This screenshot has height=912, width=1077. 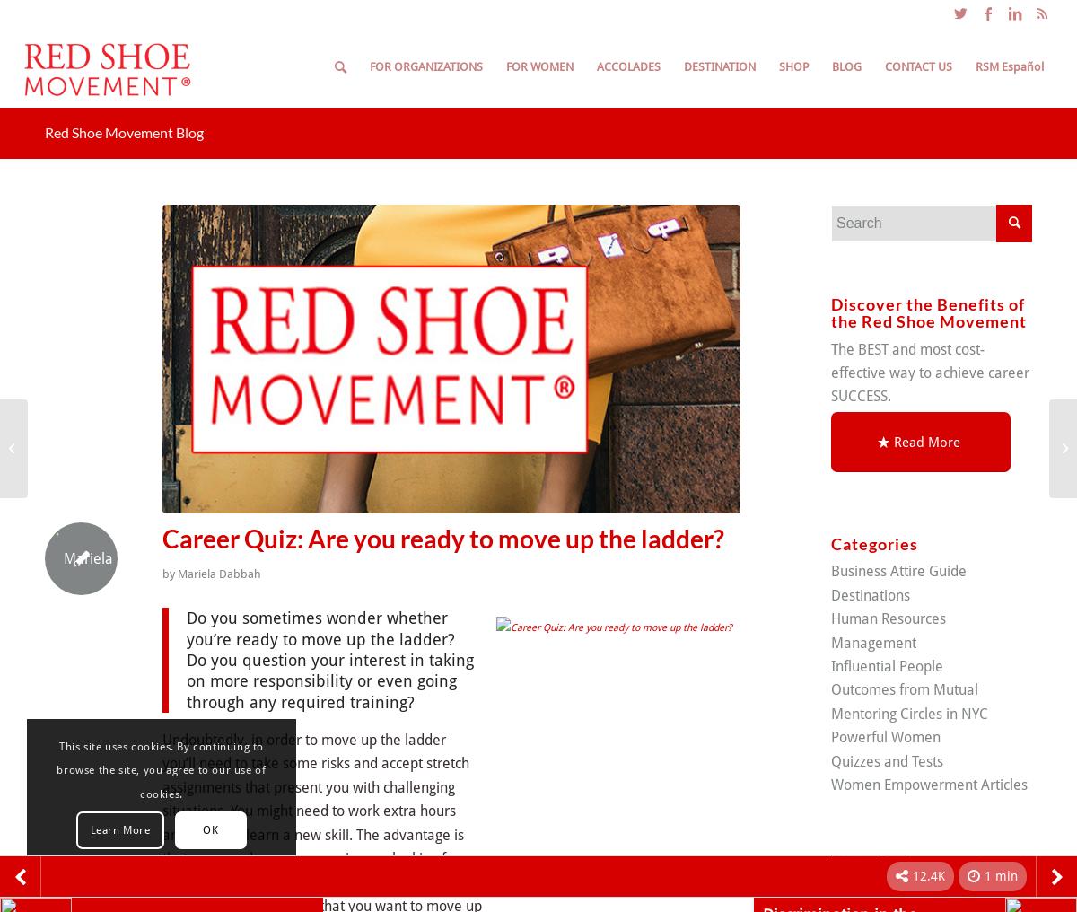 What do you see at coordinates (831, 570) in the screenshot?
I see `'Business Attire Guide'` at bounding box center [831, 570].